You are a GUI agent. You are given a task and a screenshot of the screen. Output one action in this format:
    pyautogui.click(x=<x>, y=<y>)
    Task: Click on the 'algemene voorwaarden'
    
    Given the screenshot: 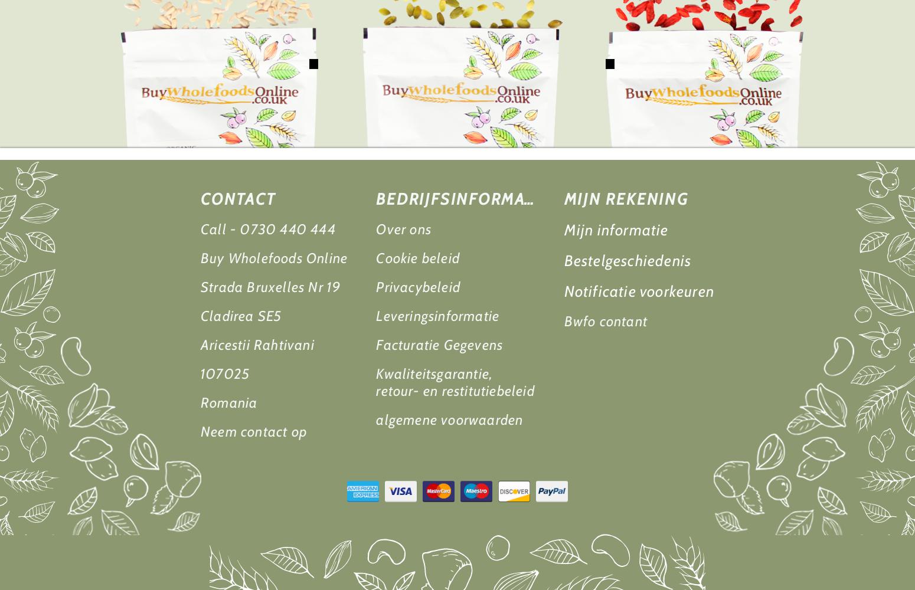 What is the action you would take?
    pyautogui.click(x=449, y=419)
    